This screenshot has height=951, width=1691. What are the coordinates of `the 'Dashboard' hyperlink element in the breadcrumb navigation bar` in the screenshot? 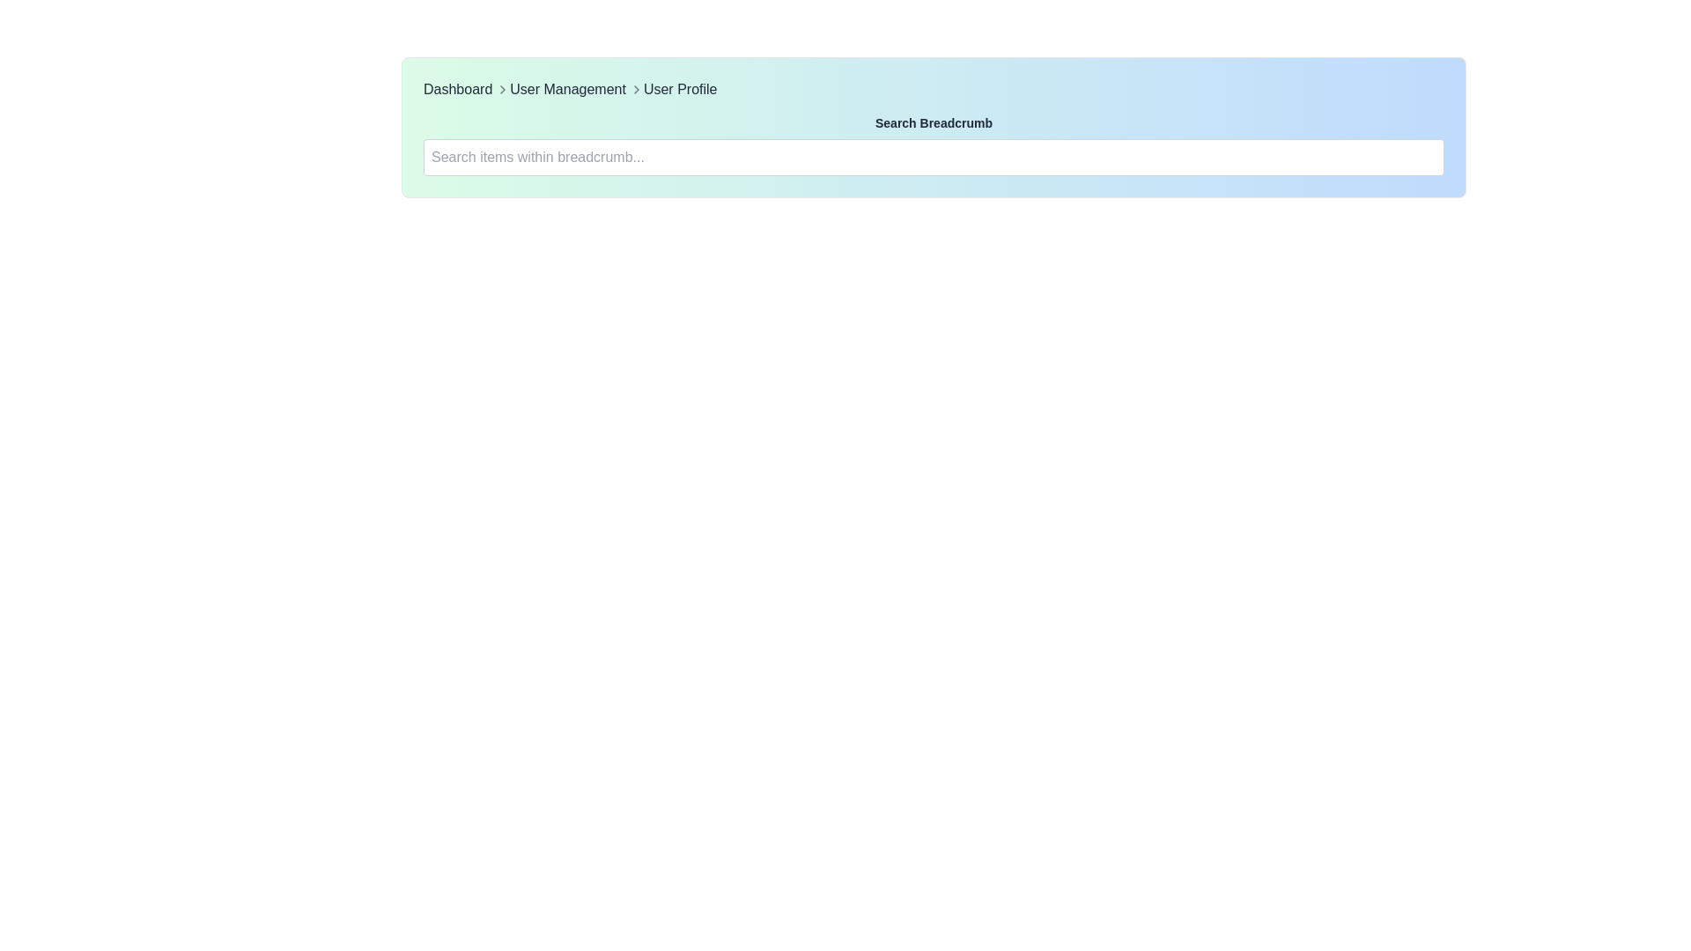 It's located at (458, 89).